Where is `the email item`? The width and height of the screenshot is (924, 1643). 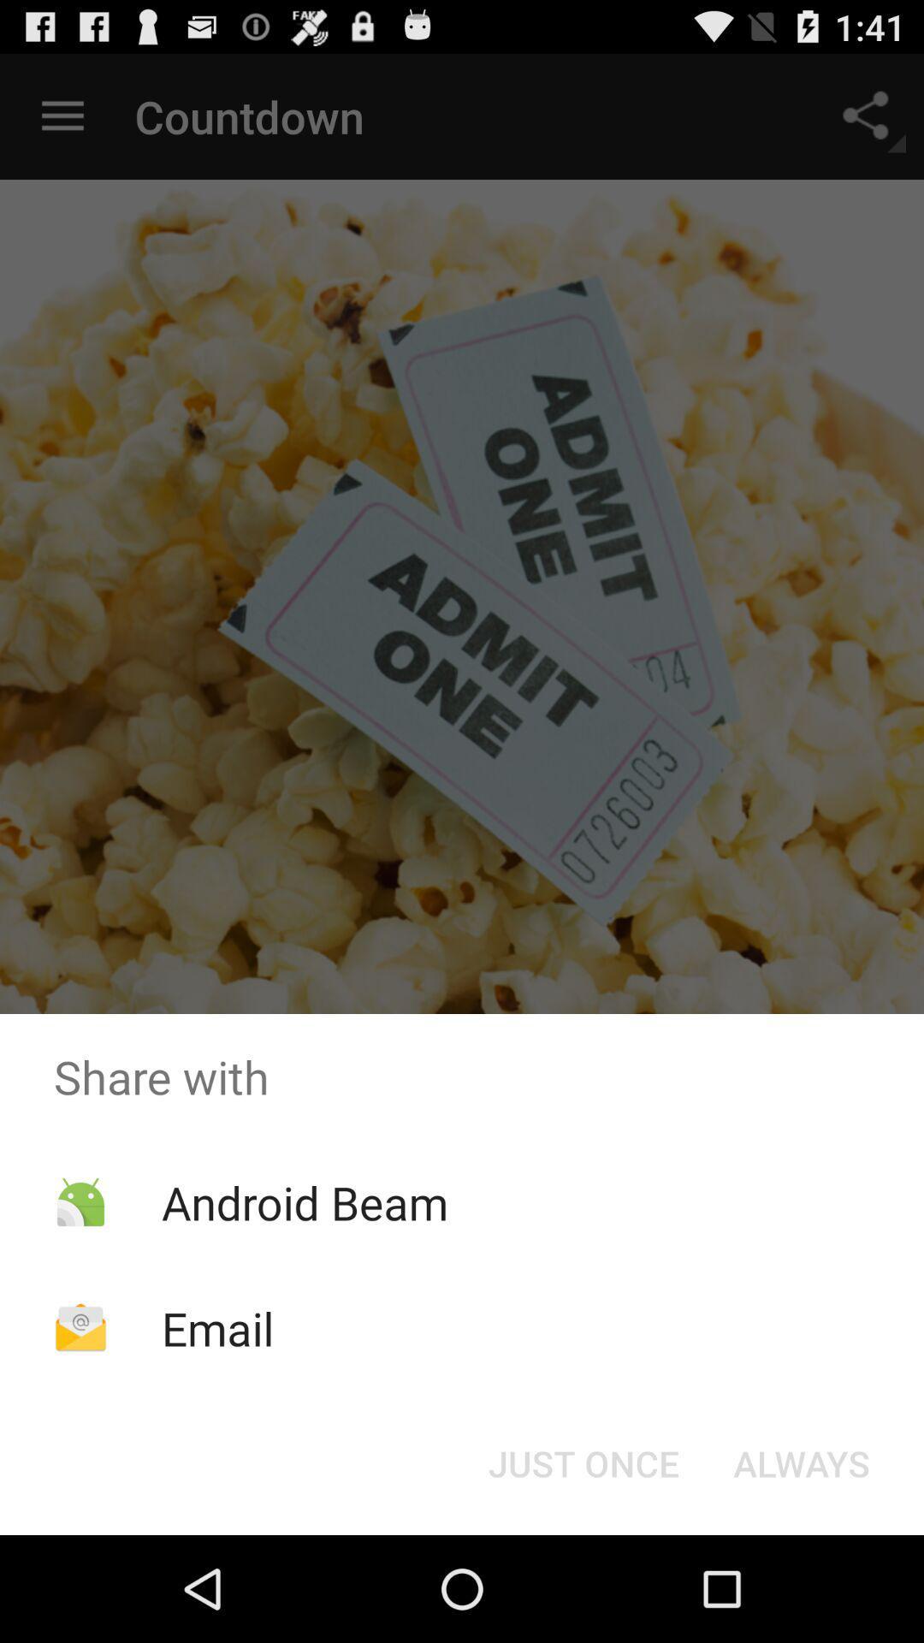 the email item is located at coordinates (216, 1327).